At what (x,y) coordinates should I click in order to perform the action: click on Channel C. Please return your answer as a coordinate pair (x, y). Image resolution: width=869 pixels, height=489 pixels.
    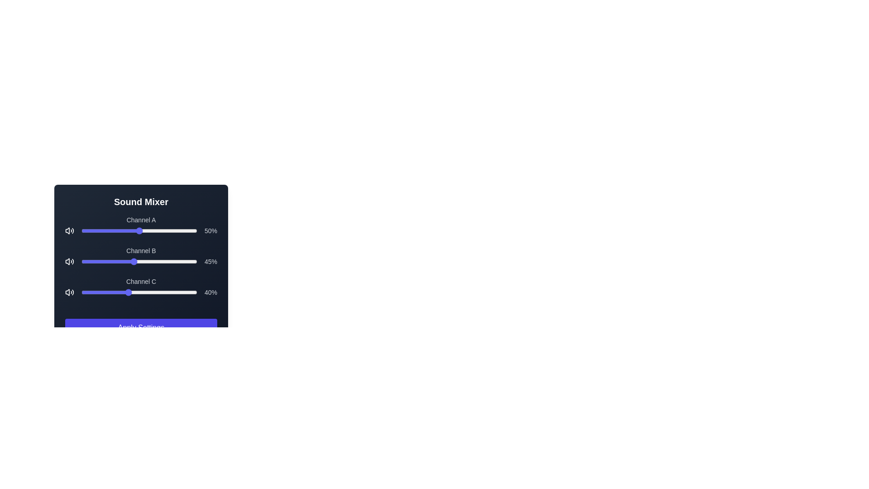
    Looking at the image, I should click on (178, 292).